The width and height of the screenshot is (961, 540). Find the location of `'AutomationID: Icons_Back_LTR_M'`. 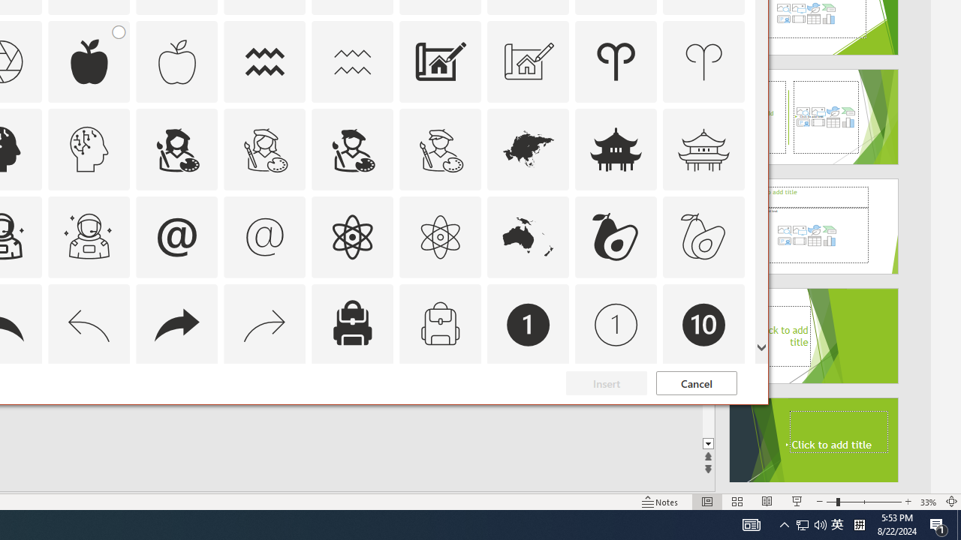

'AutomationID: Icons_Back_LTR_M' is located at coordinates (89, 323).